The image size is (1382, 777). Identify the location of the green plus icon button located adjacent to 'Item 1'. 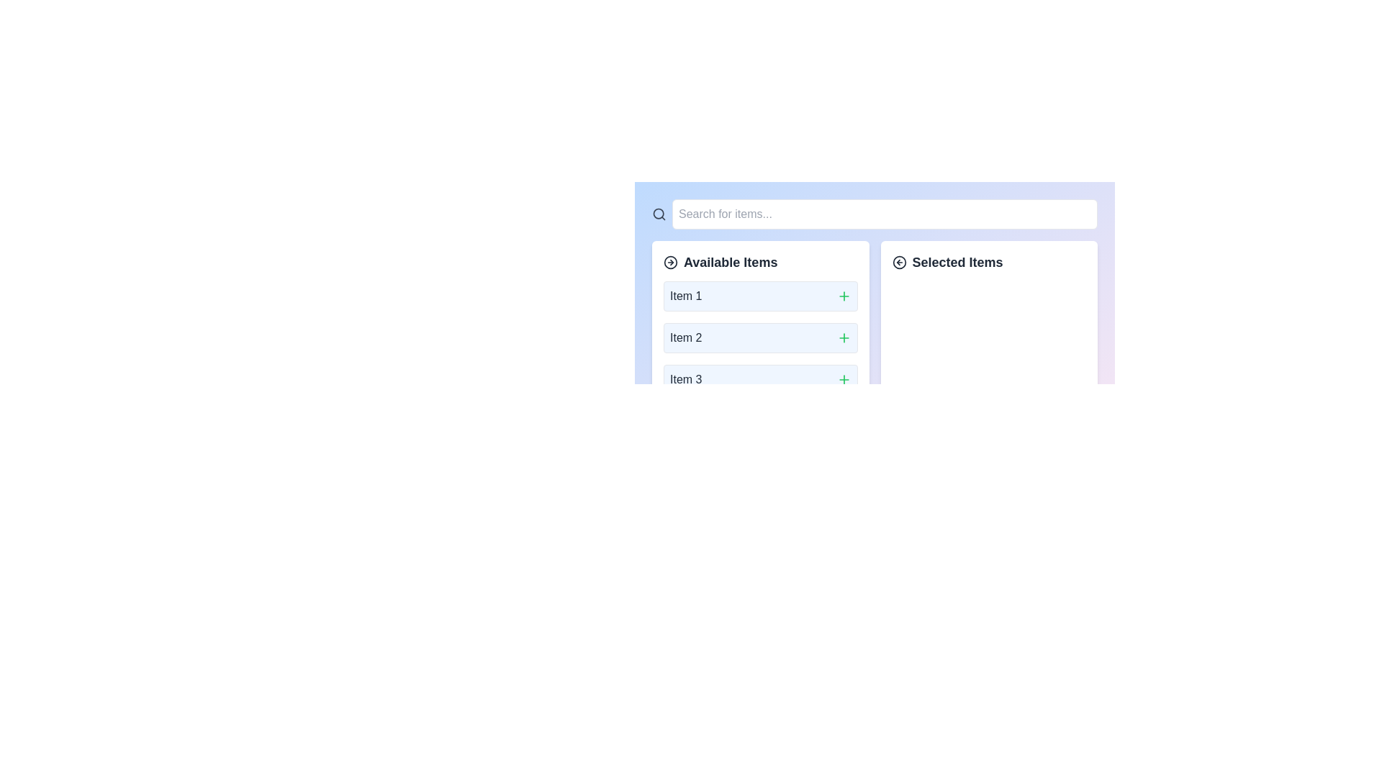
(844, 296).